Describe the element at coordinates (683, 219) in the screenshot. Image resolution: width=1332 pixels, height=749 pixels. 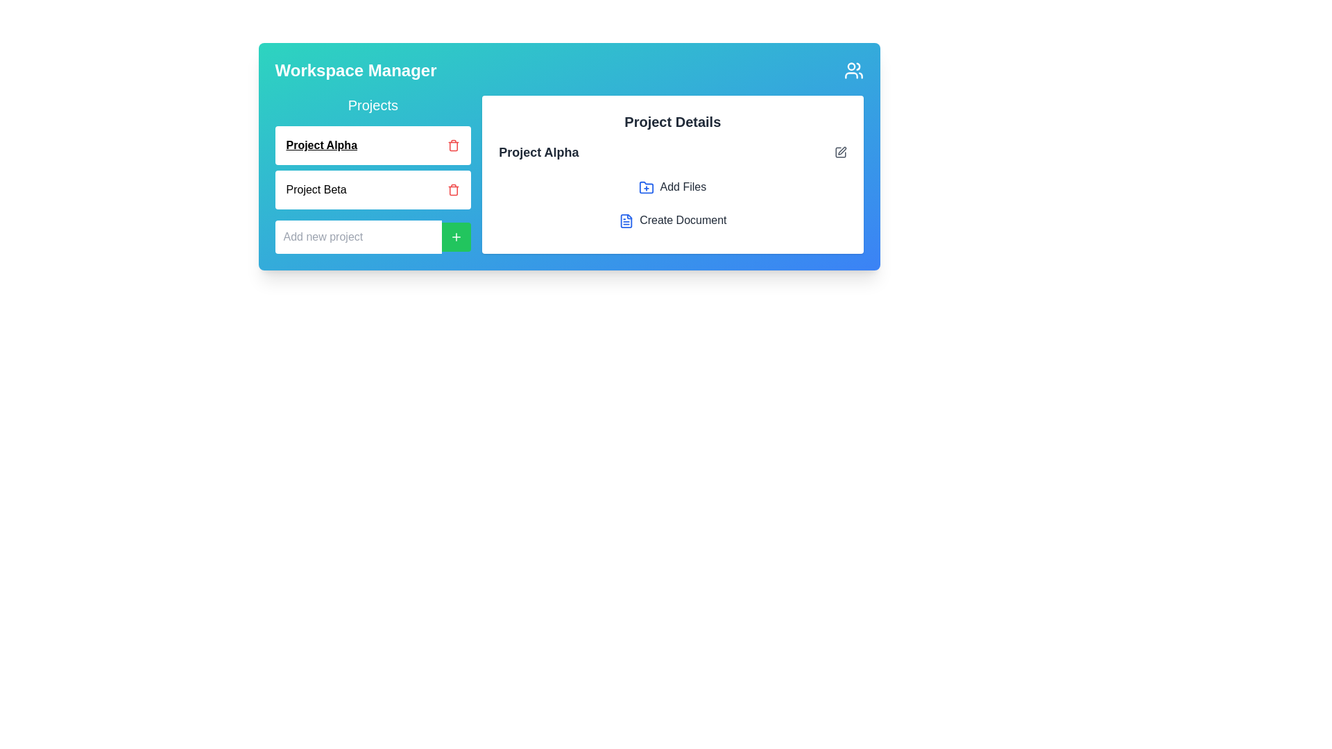
I see `the 'Create Document' text label located in the lower right segment of the Project Details section to initiate the creation of a document` at that location.